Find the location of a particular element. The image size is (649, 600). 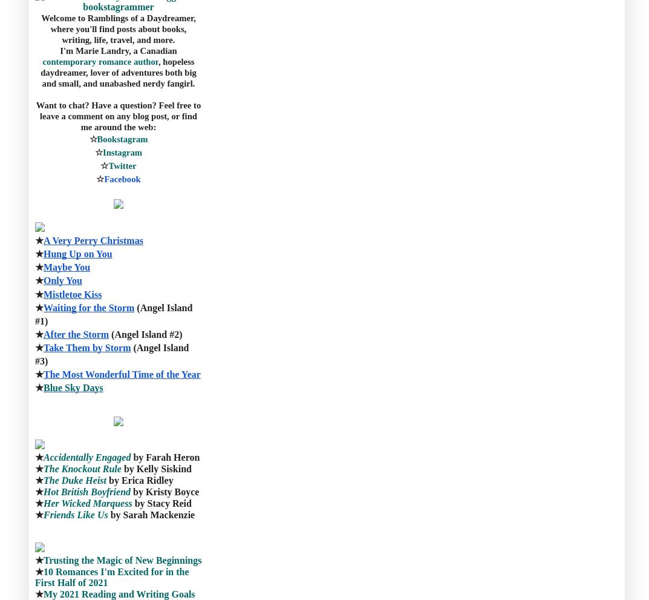

'Her Wicked Marquess' is located at coordinates (86, 503).